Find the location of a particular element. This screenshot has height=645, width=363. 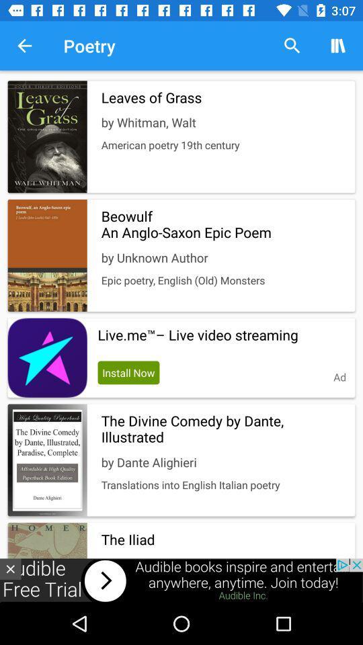

exit a advertisement is located at coordinates (9, 568).